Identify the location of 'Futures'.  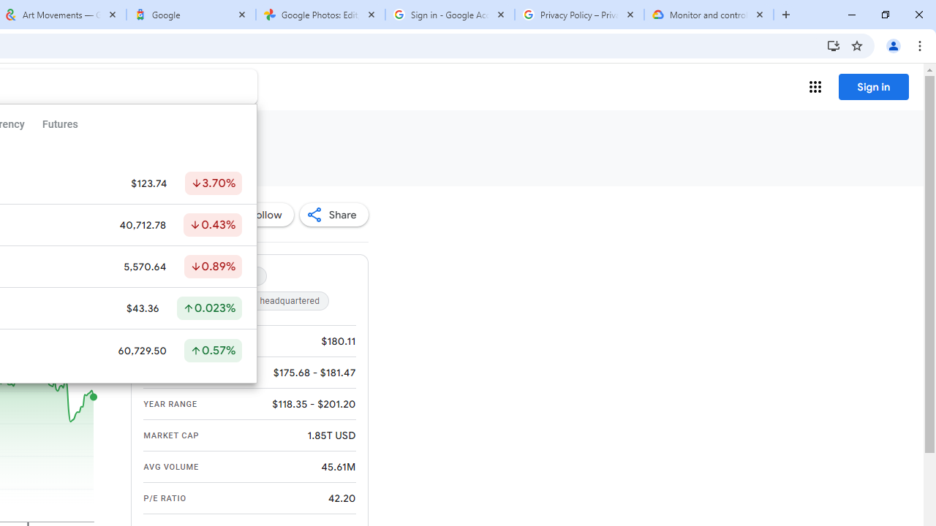
(58, 124).